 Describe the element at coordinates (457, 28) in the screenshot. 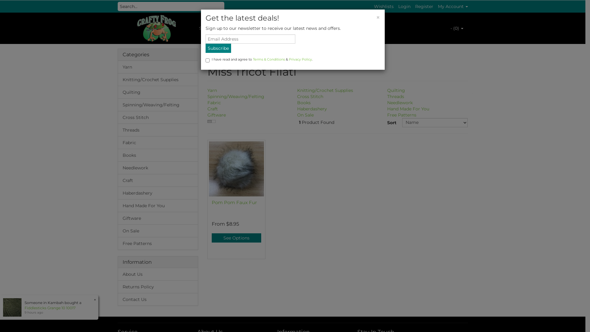

I see `'- (0)'` at that location.